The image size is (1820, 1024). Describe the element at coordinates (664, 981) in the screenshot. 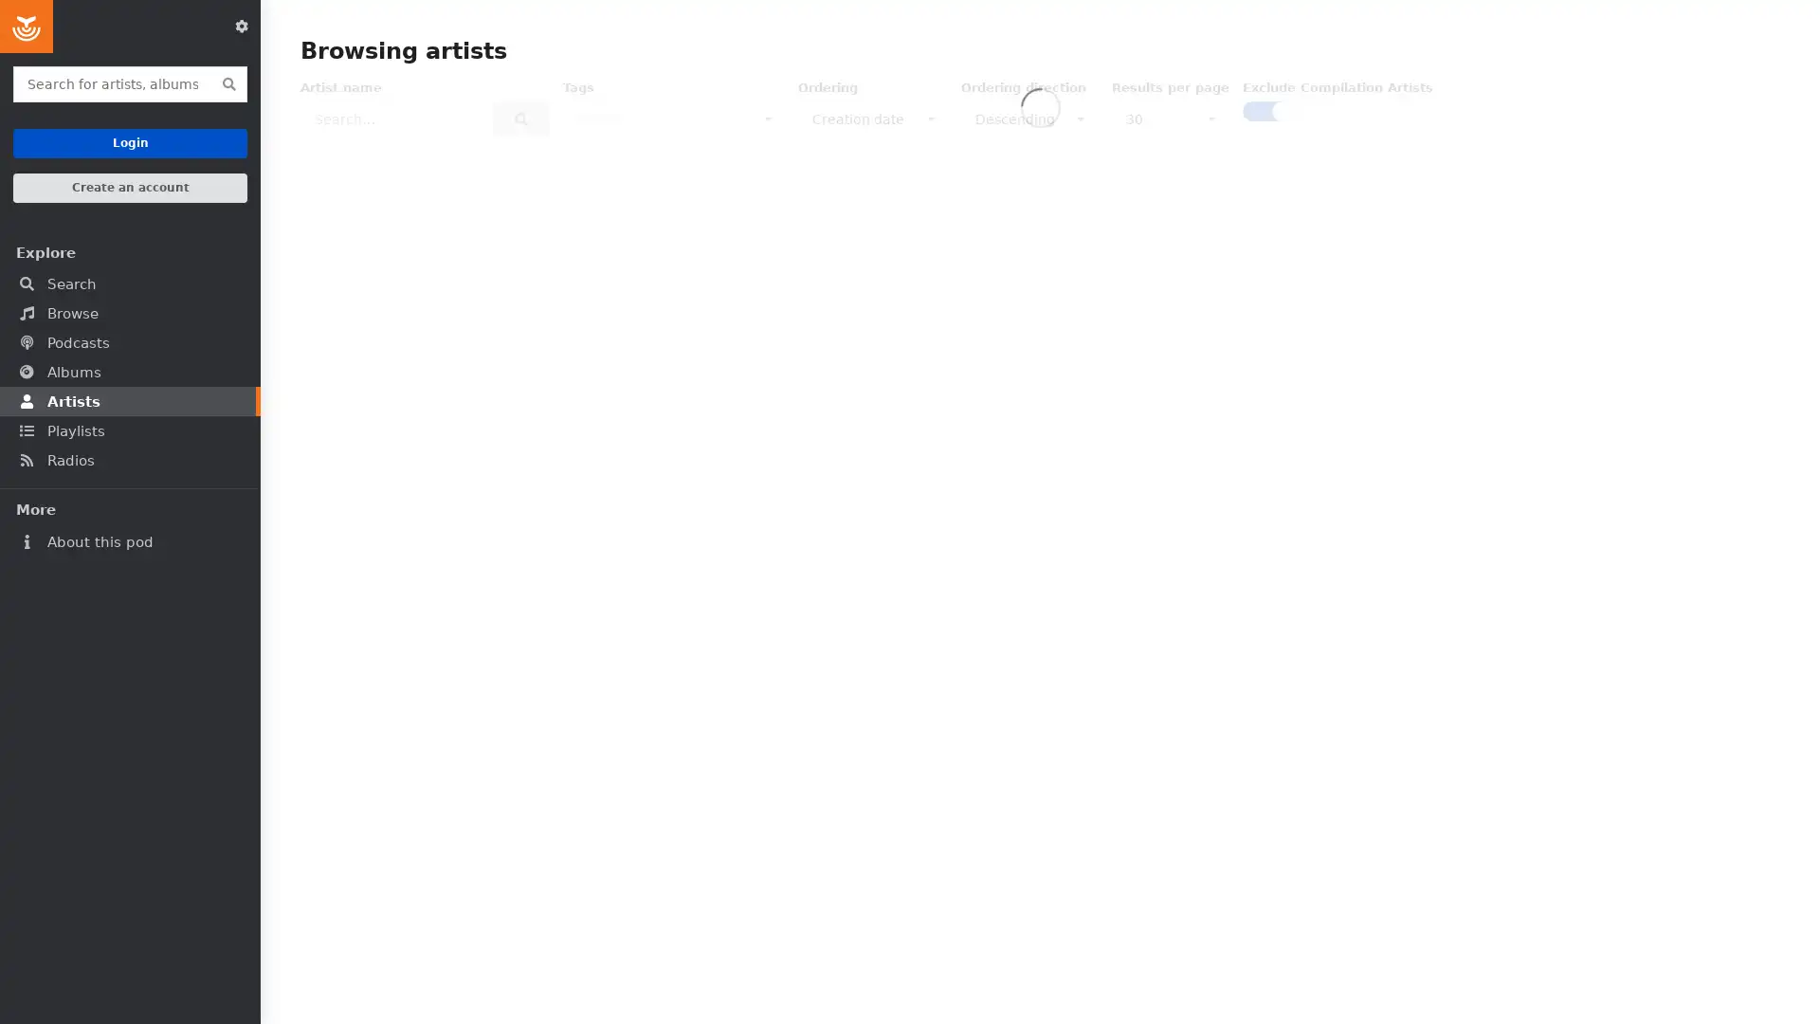

I see `Play artist` at that location.